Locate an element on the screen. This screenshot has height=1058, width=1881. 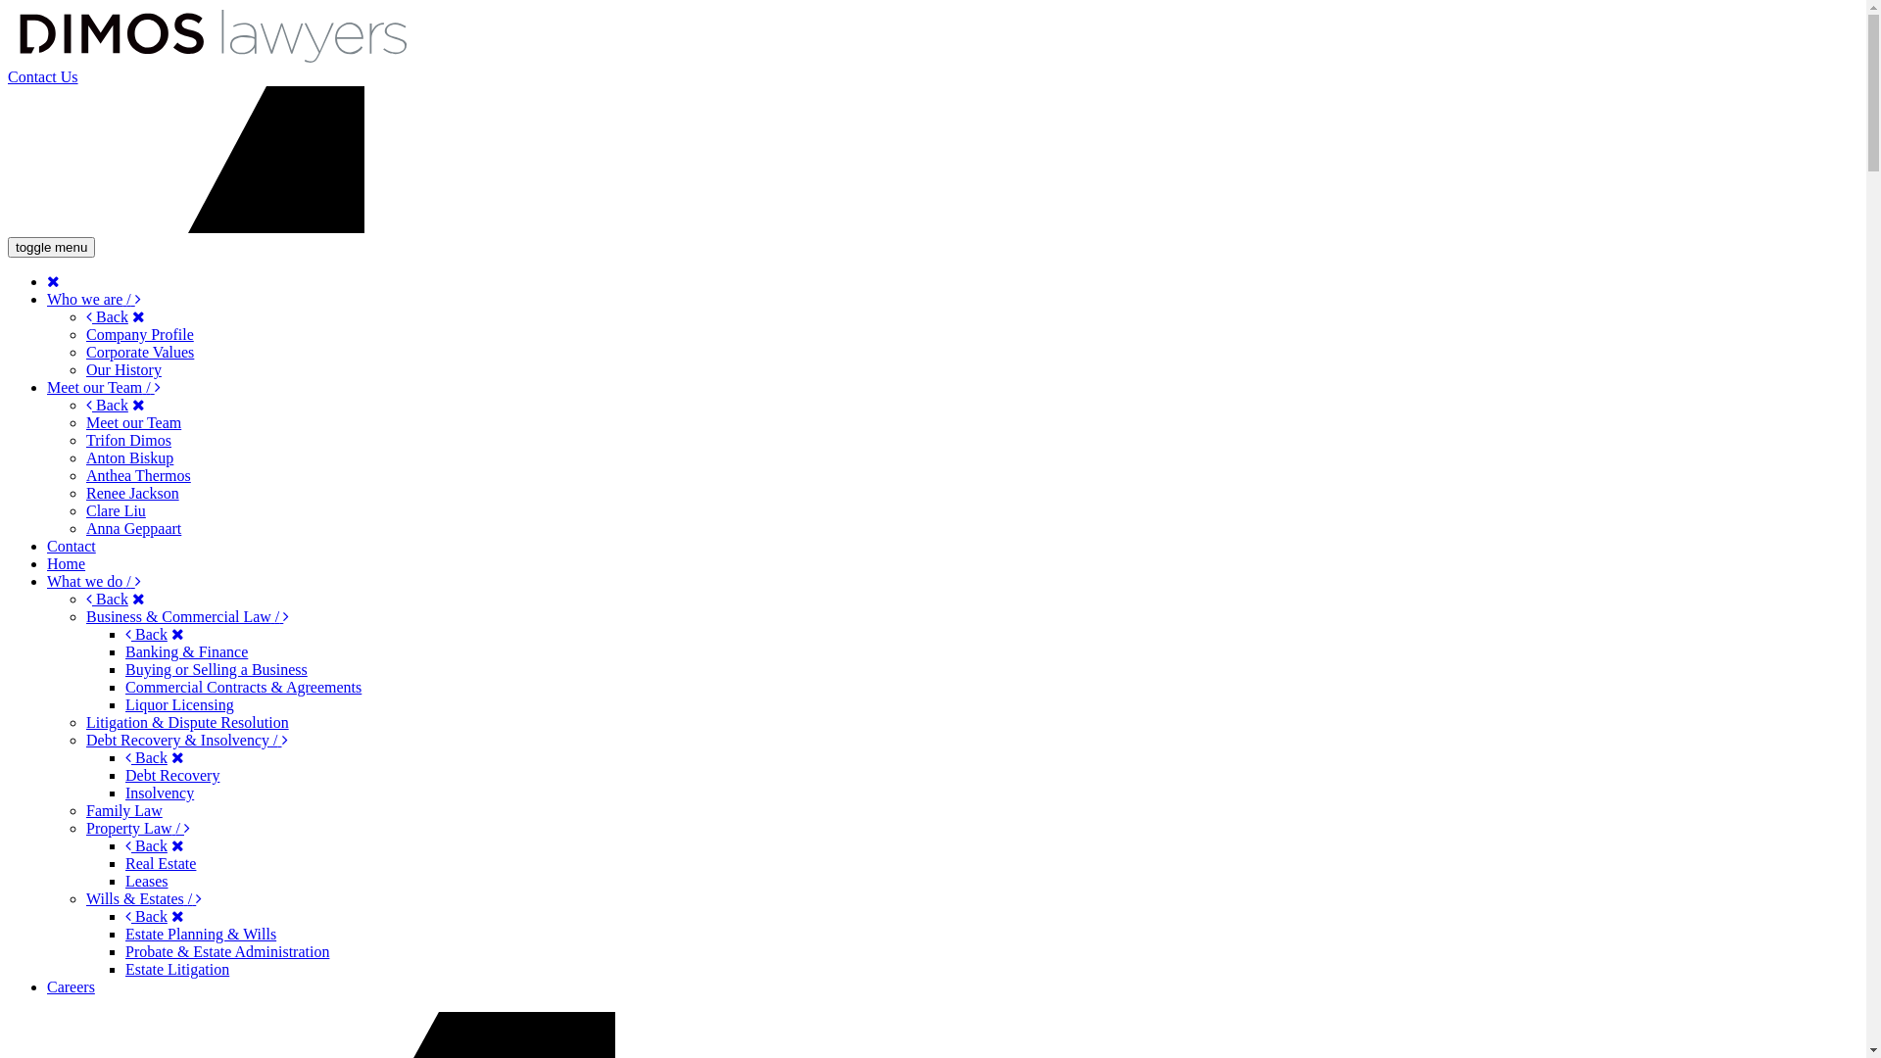
'Meet our Team' is located at coordinates (132, 421).